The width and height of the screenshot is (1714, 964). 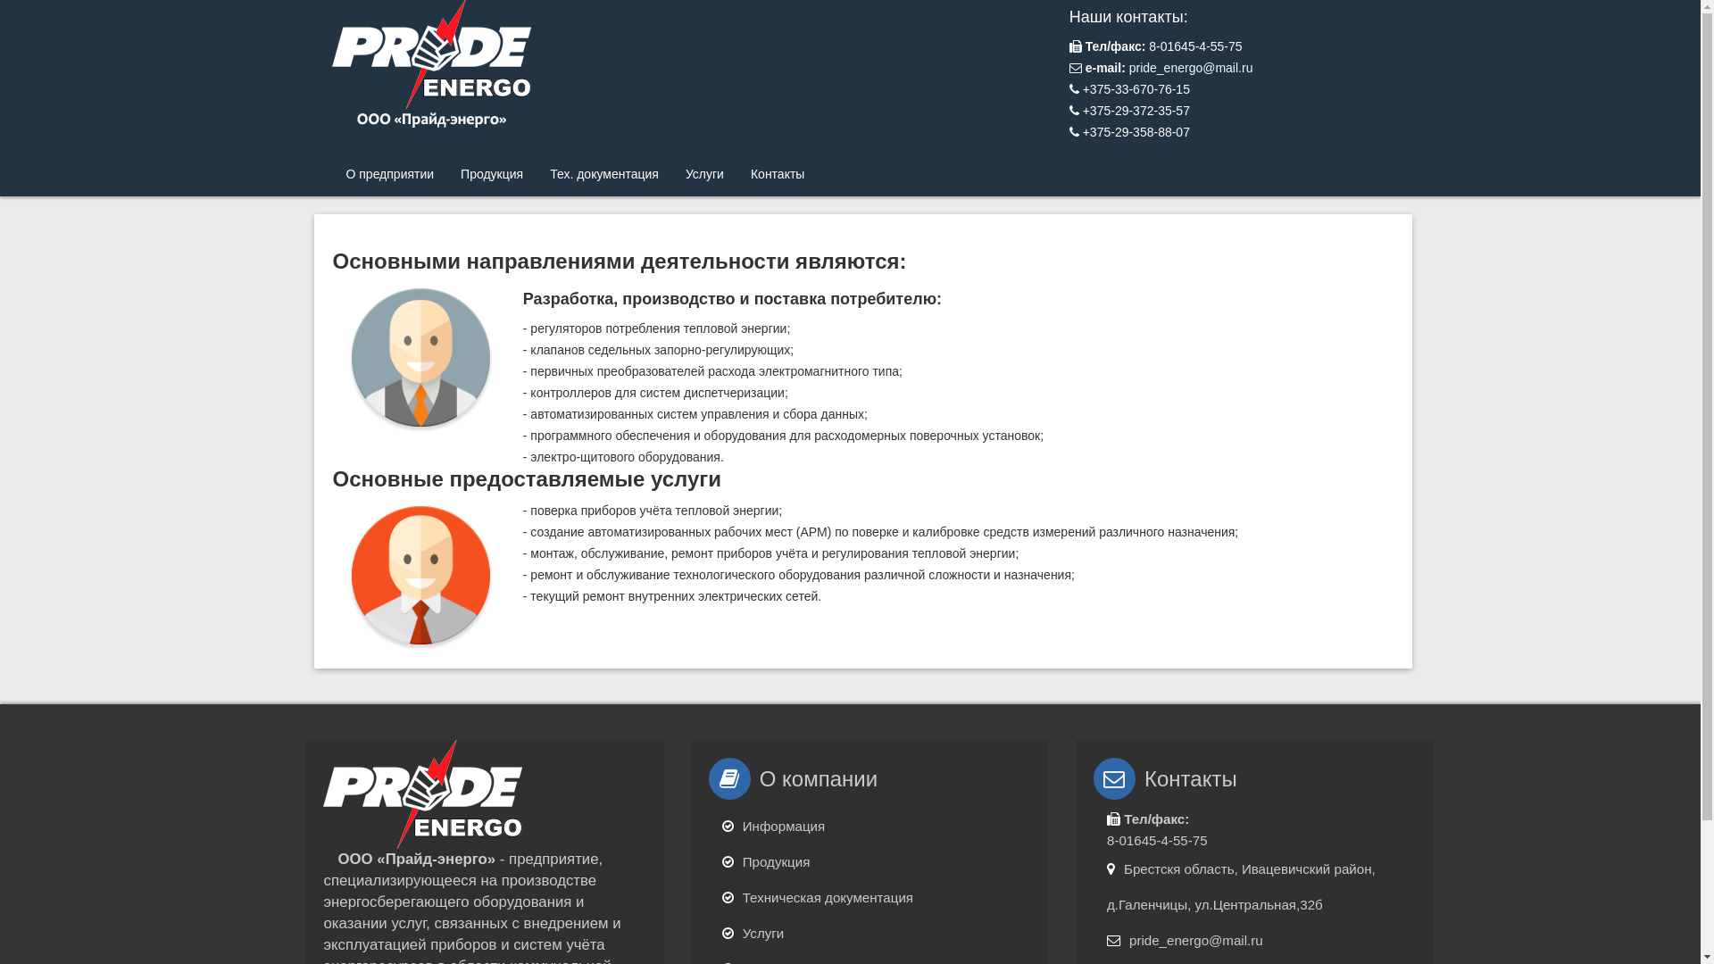 I want to click on 'pride_energo@mail.ru', so click(x=1191, y=67).